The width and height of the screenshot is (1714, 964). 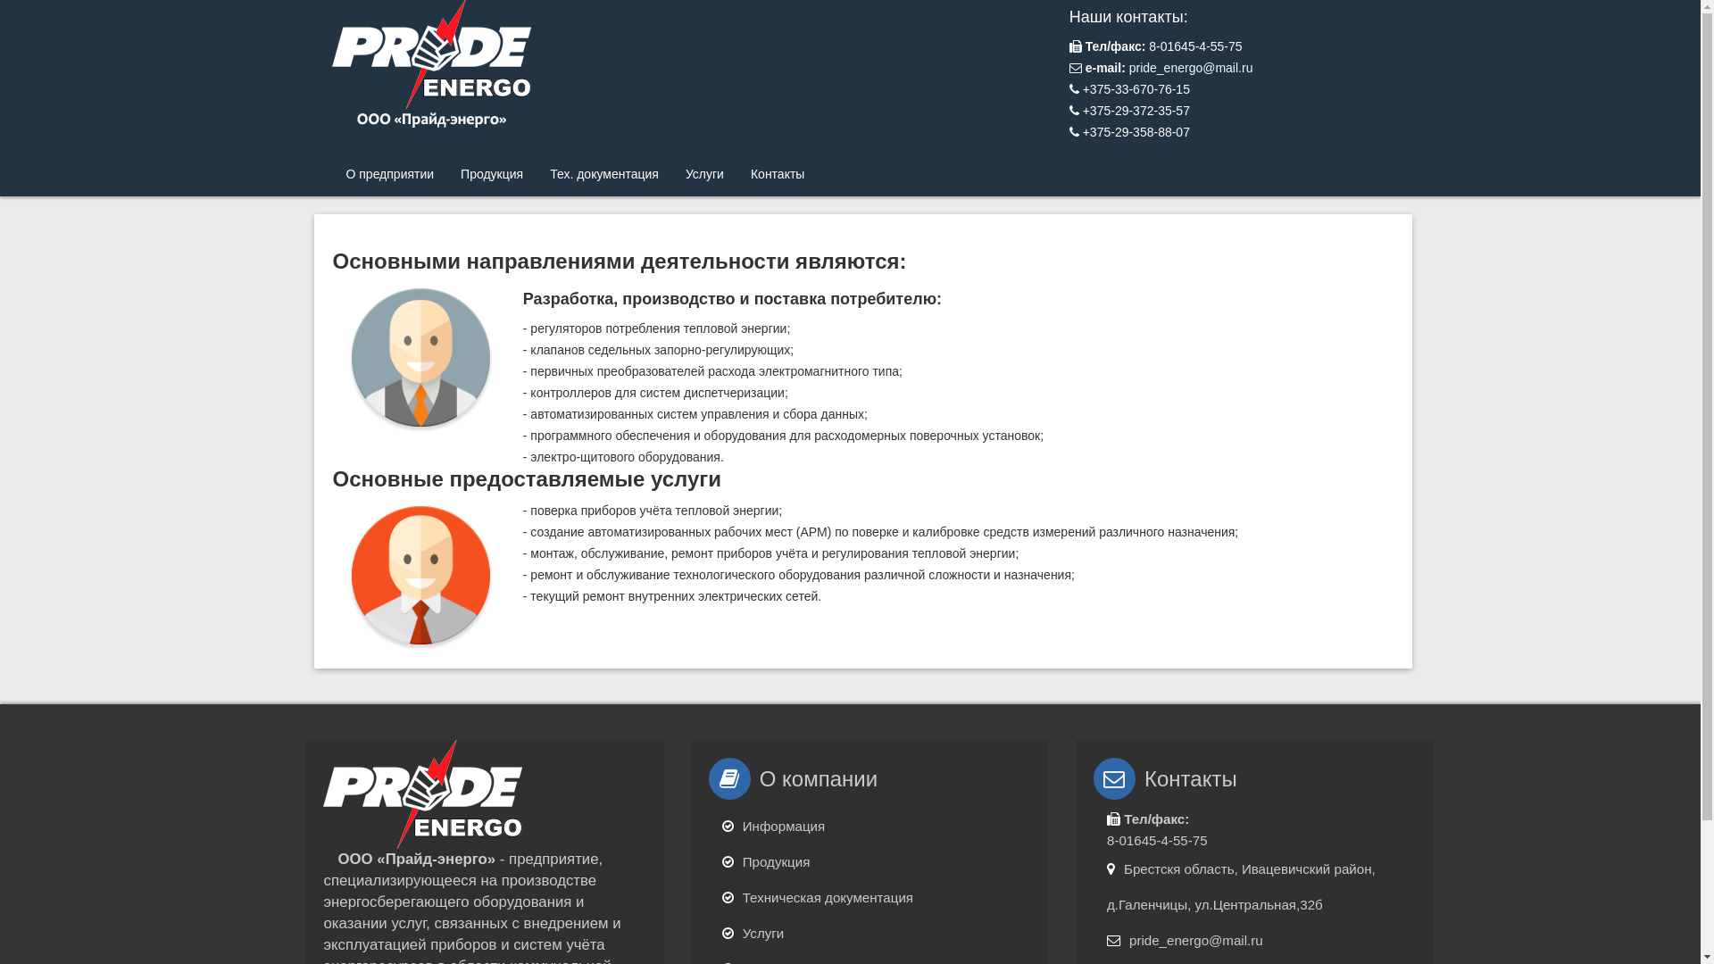 I want to click on 'pride_energo@mail.ru', so click(x=1191, y=67).